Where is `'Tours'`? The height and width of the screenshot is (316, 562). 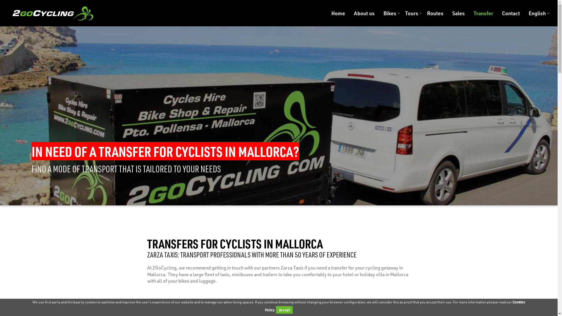 'Tours' is located at coordinates (411, 13).